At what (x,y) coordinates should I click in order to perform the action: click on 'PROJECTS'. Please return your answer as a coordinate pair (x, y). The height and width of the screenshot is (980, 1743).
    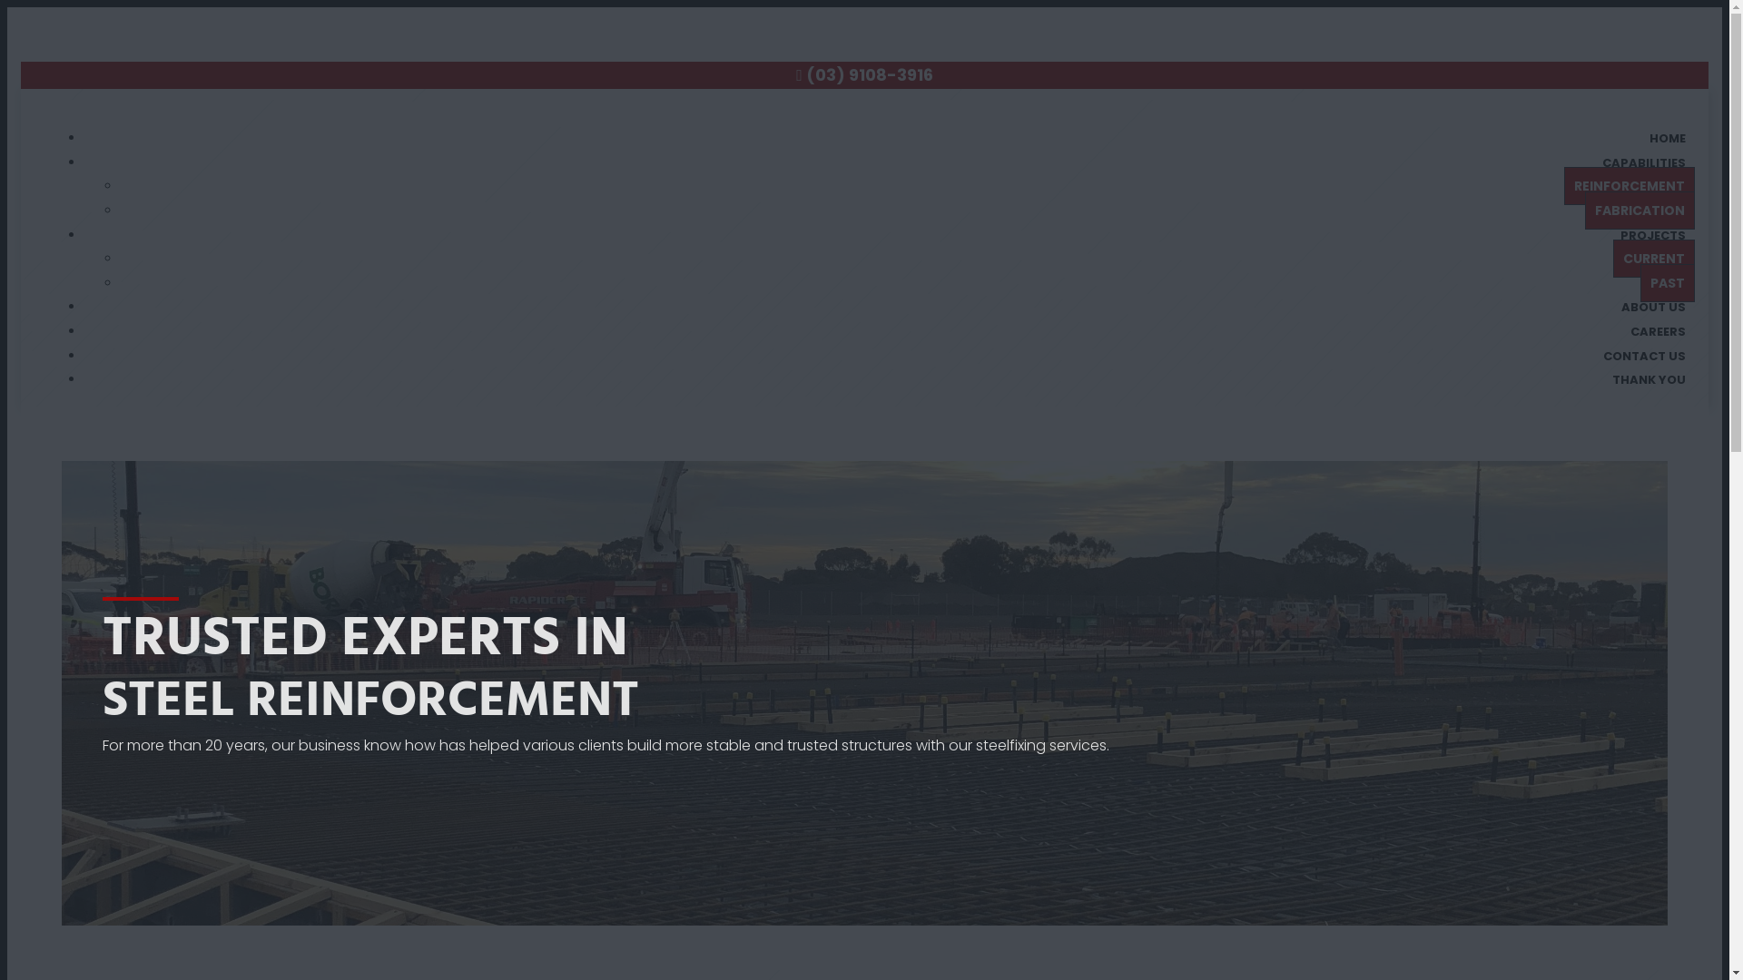
    Looking at the image, I should click on (1652, 234).